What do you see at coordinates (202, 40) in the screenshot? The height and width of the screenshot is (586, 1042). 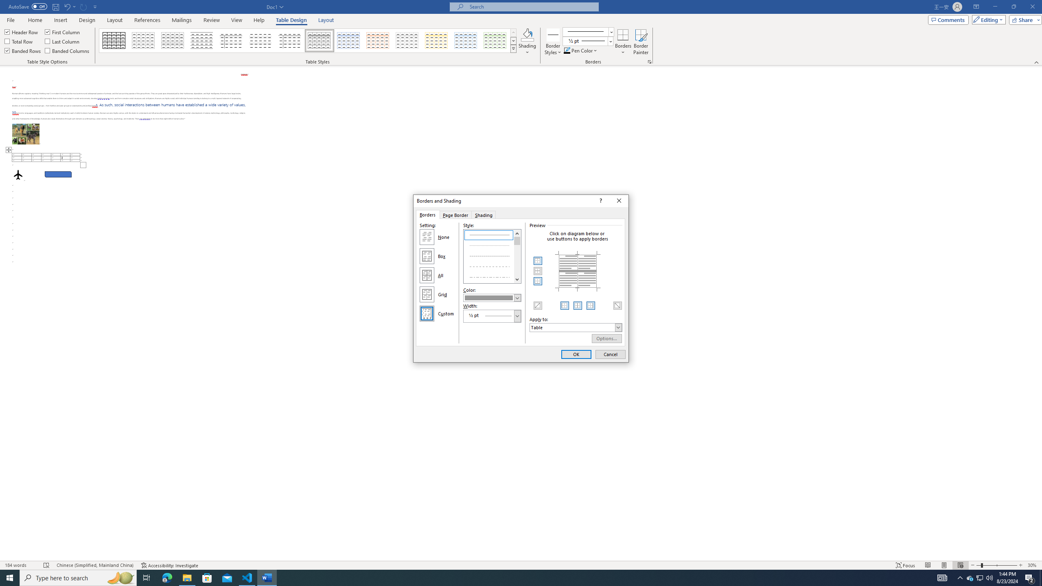 I see `'Plain Table 2'` at bounding box center [202, 40].